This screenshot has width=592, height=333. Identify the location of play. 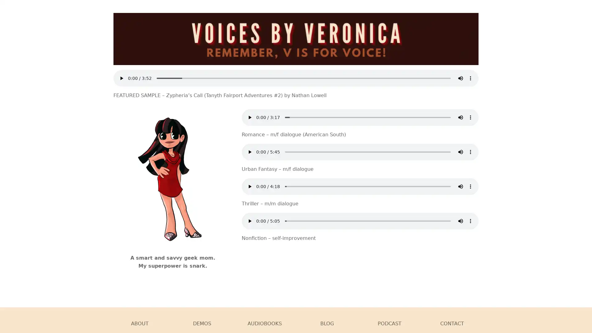
(250, 152).